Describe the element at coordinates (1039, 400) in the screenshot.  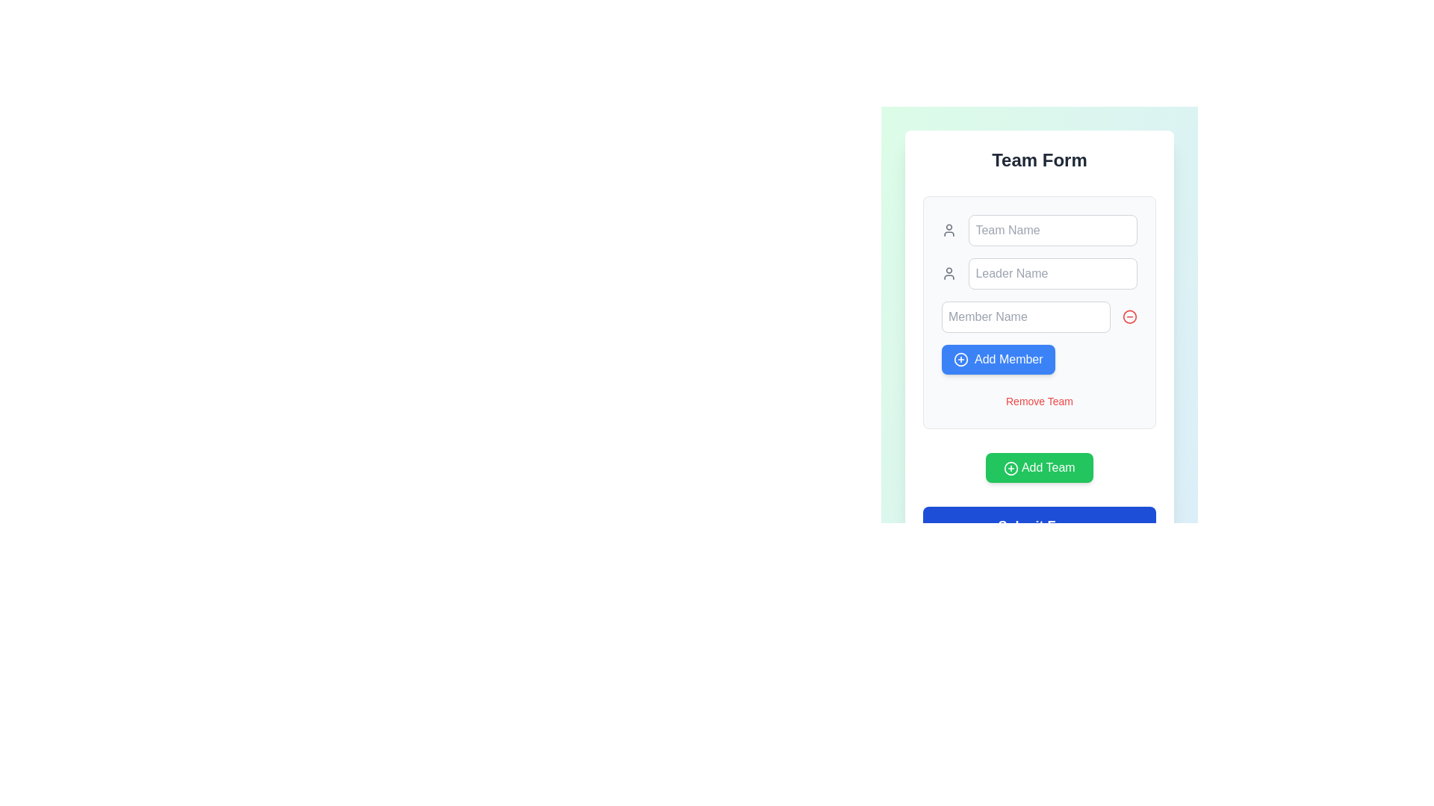
I see `the hyperlink or button-like interactive text that allows the user` at that location.